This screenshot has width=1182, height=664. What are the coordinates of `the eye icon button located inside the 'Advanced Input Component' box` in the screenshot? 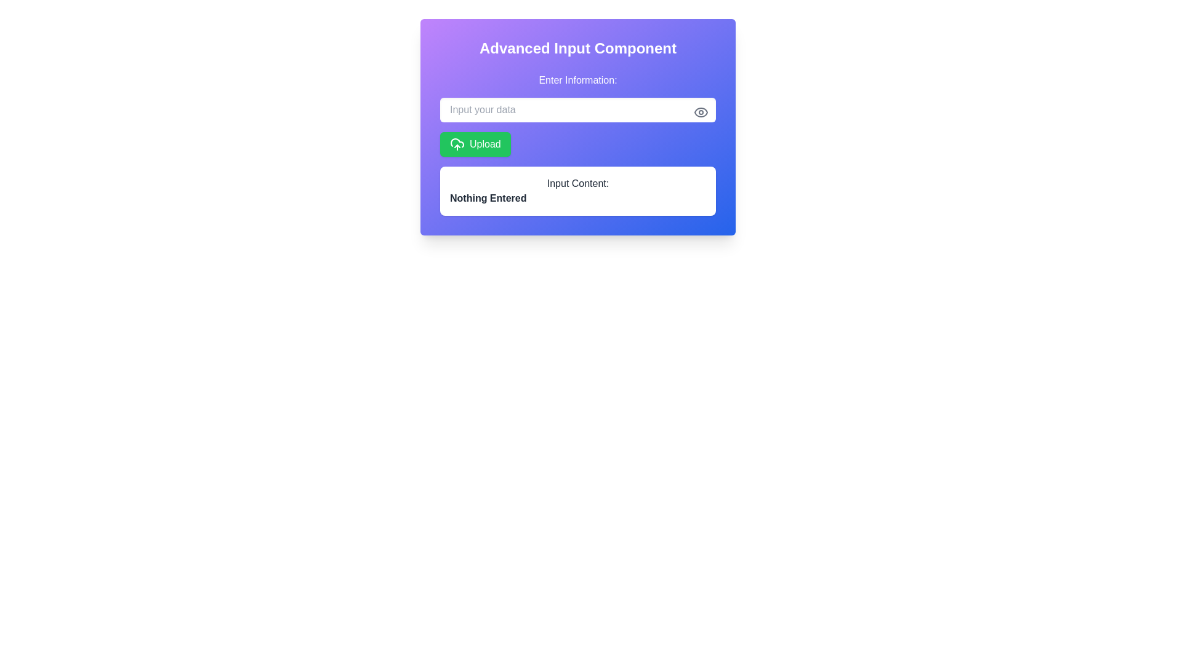 It's located at (701, 112).